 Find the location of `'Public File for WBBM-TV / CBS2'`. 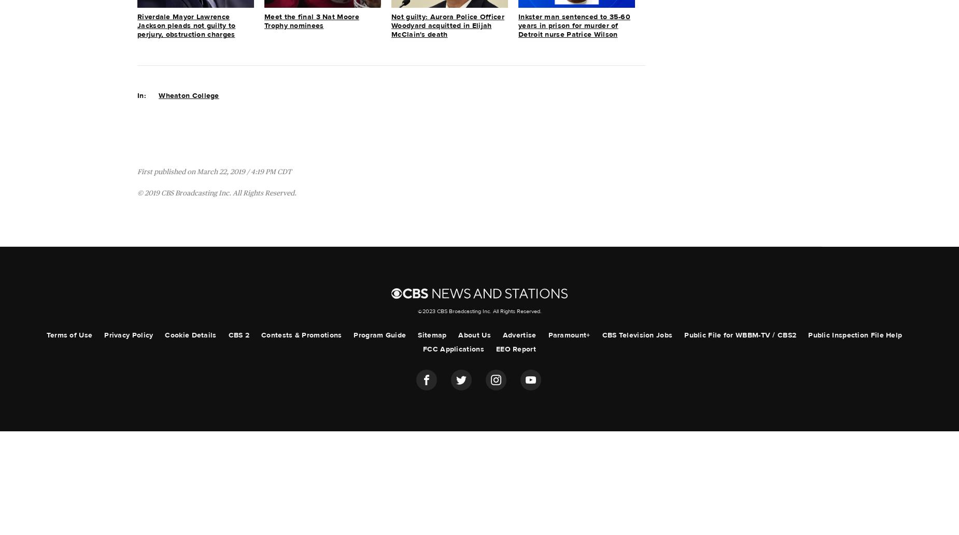

'Public File for WBBM-TV / CBS2' is located at coordinates (740, 334).